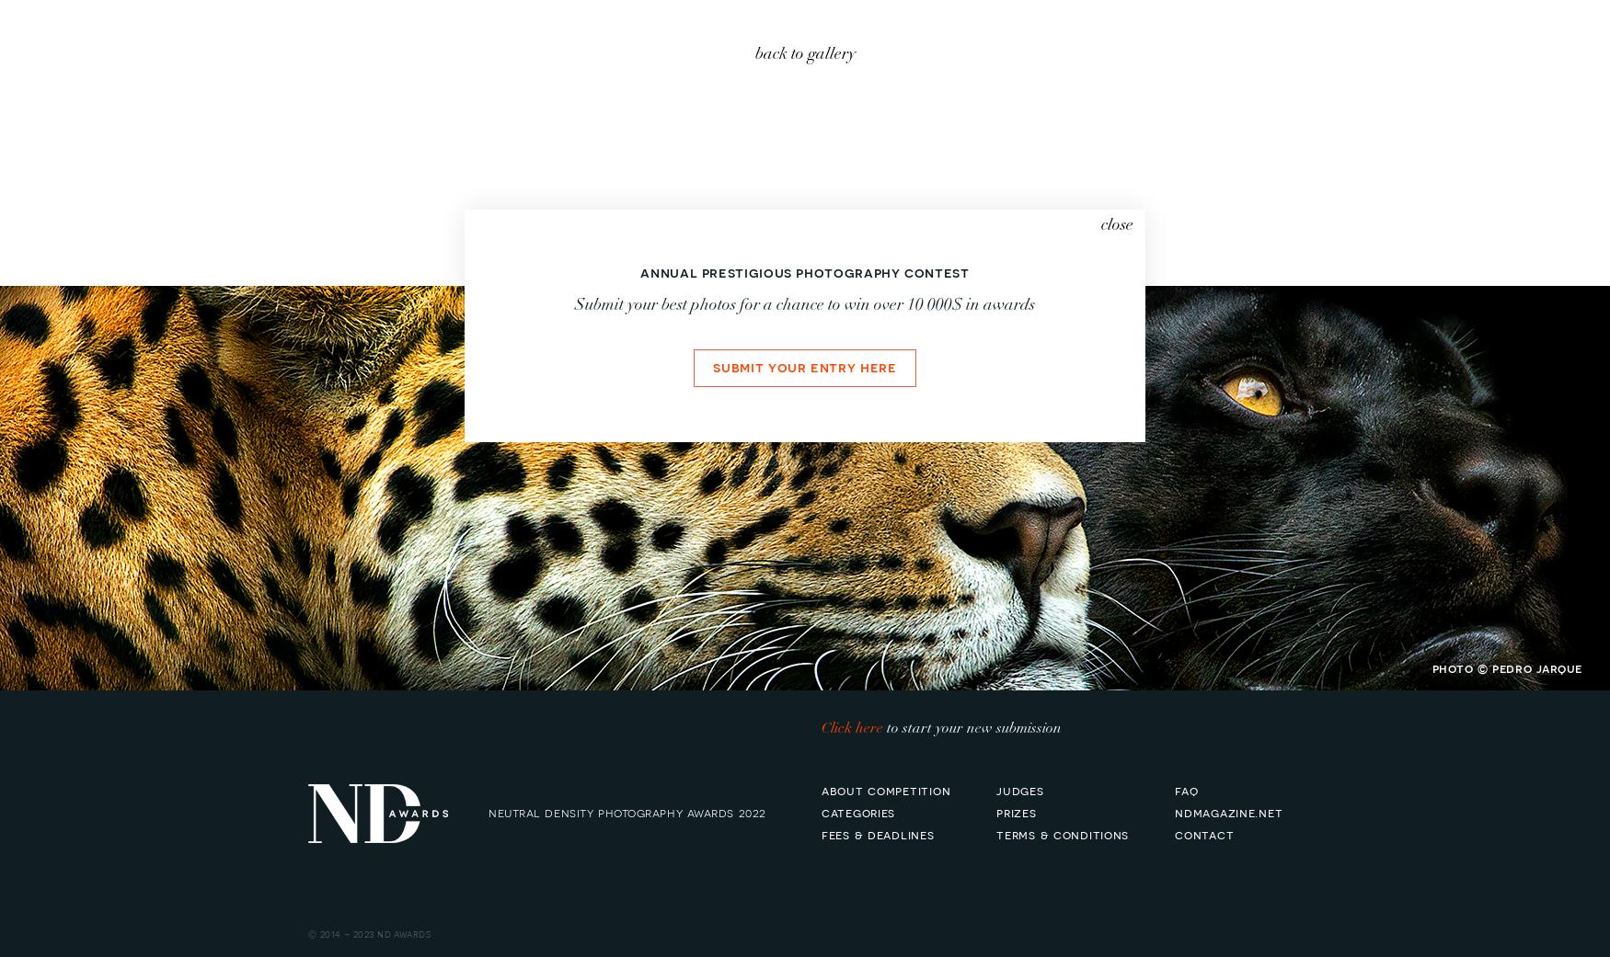 The width and height of the screenshot is (1610, 957). What do you see at coordinates (1062, 833) in the screenshot?
I see `'terms & conditions'` at bounding box center [1062, 833].